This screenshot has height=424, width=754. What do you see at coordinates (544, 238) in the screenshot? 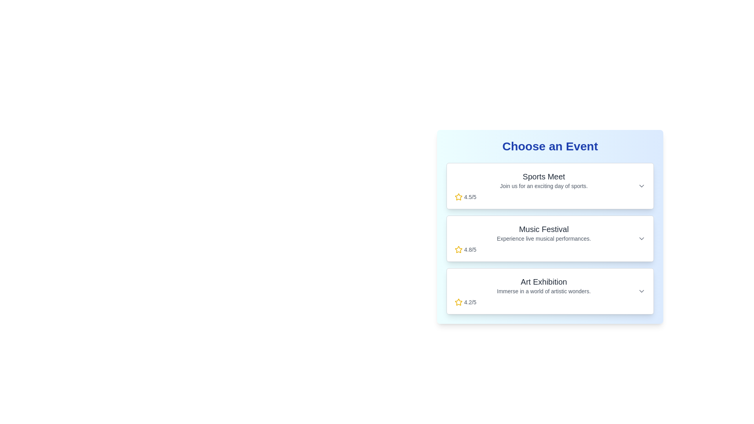
I see `the Text Label that describes the event 'Music Festival', which is located centrally below the header and above the rating component` at bounding box center [544, 238].